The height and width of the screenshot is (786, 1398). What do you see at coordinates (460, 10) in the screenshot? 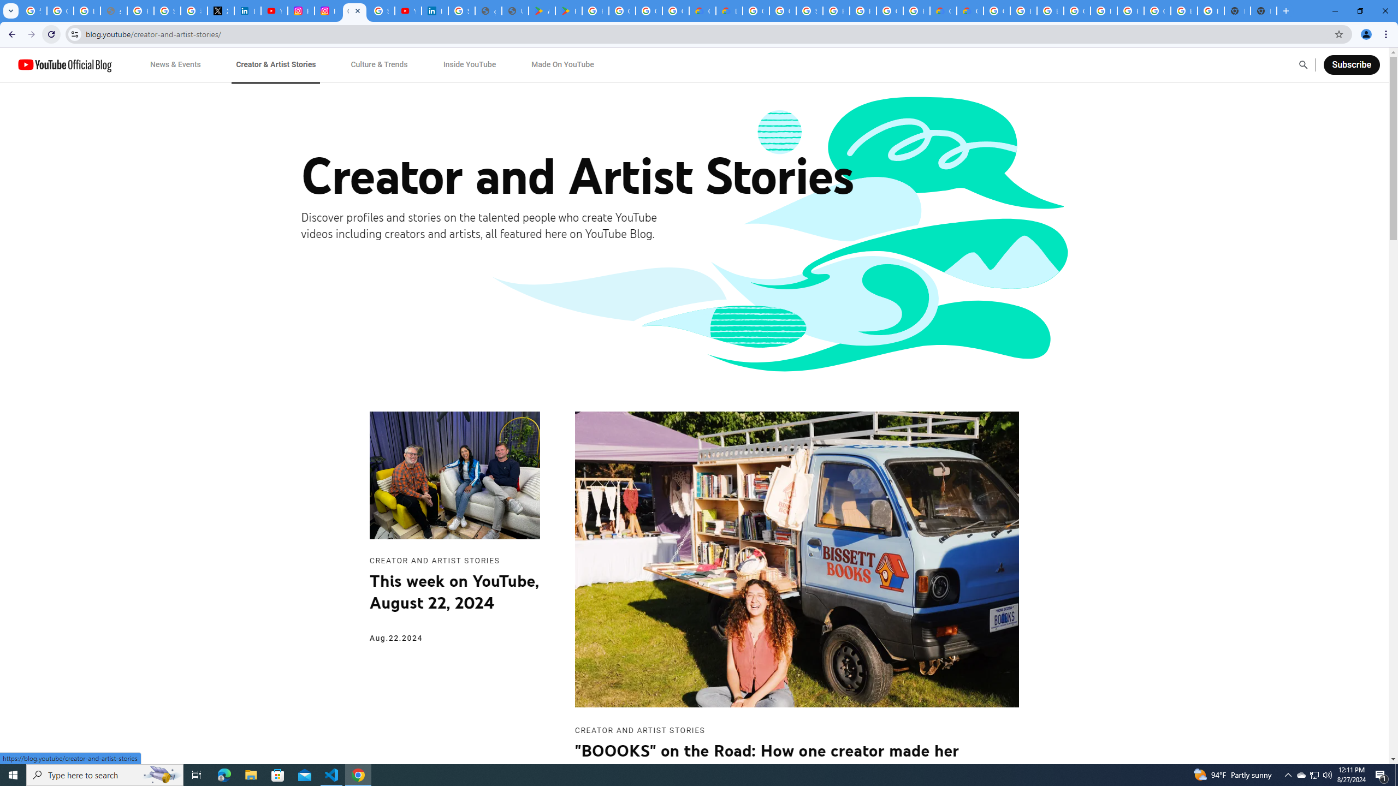
I see `'Sign in - Google Accounts'` at bounding box center [460, 10].